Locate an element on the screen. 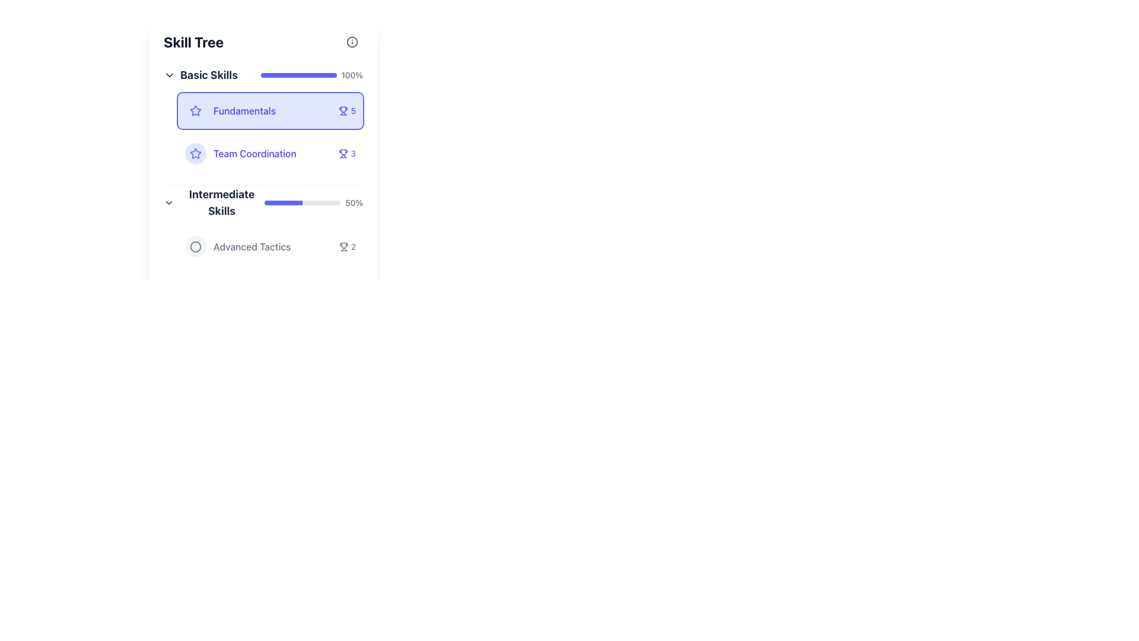 This screenshot has width=1139, height=641. the trophy icon component that represents an award, centrally positioned within the trophy icon SVG, located to the right of the 'Fundamentals' text in the 'Basic Skills' section is located at coordinates (343, 151).